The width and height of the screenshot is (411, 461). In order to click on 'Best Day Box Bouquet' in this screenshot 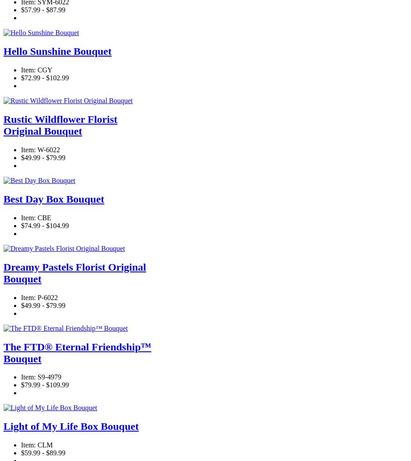, I will do `click(53, 198)`.